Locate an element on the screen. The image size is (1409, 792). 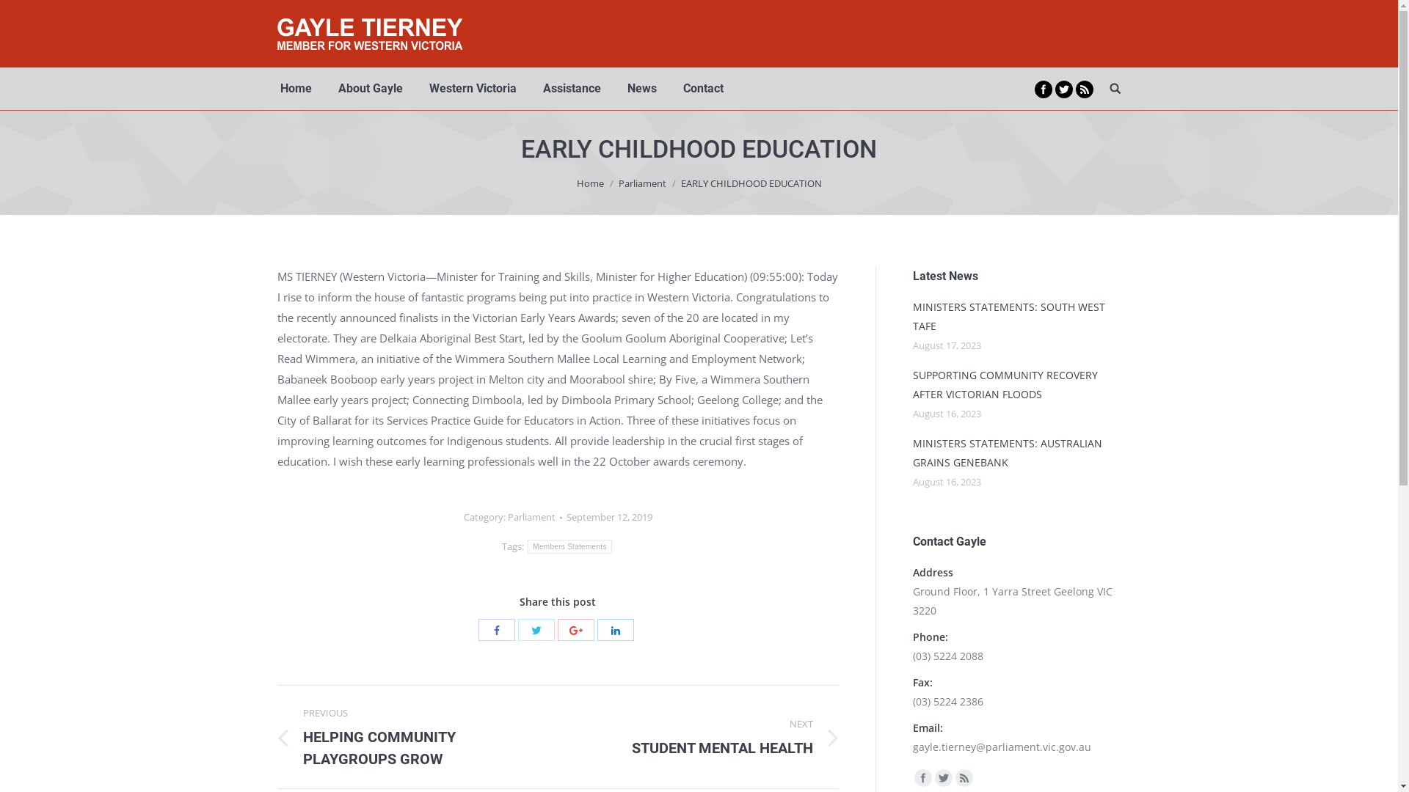
' ' is located at coordinates (1115, 88).